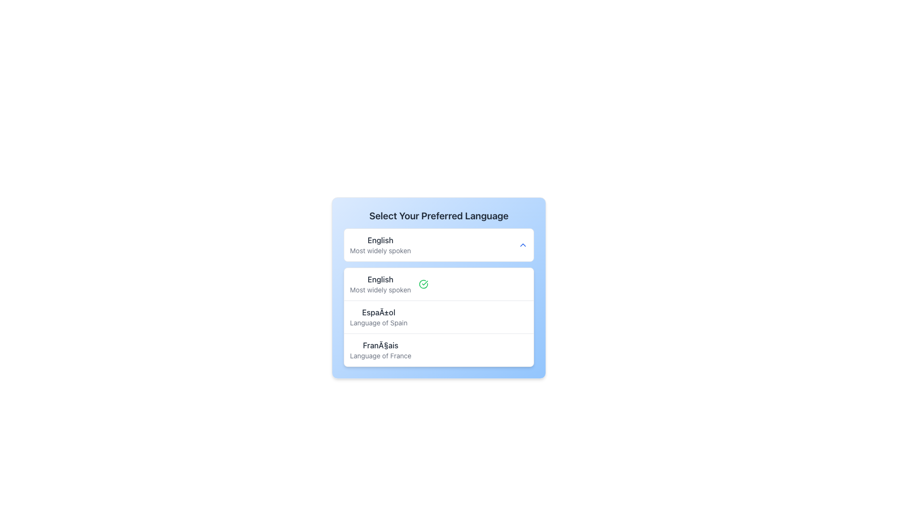 The height and width of the screenshot is (516, 918). I want to click on the text label displaying 'Most widely spoken', which is styled with a smaller gray font and located below 'English' in the language selection list, so click(380, 289).